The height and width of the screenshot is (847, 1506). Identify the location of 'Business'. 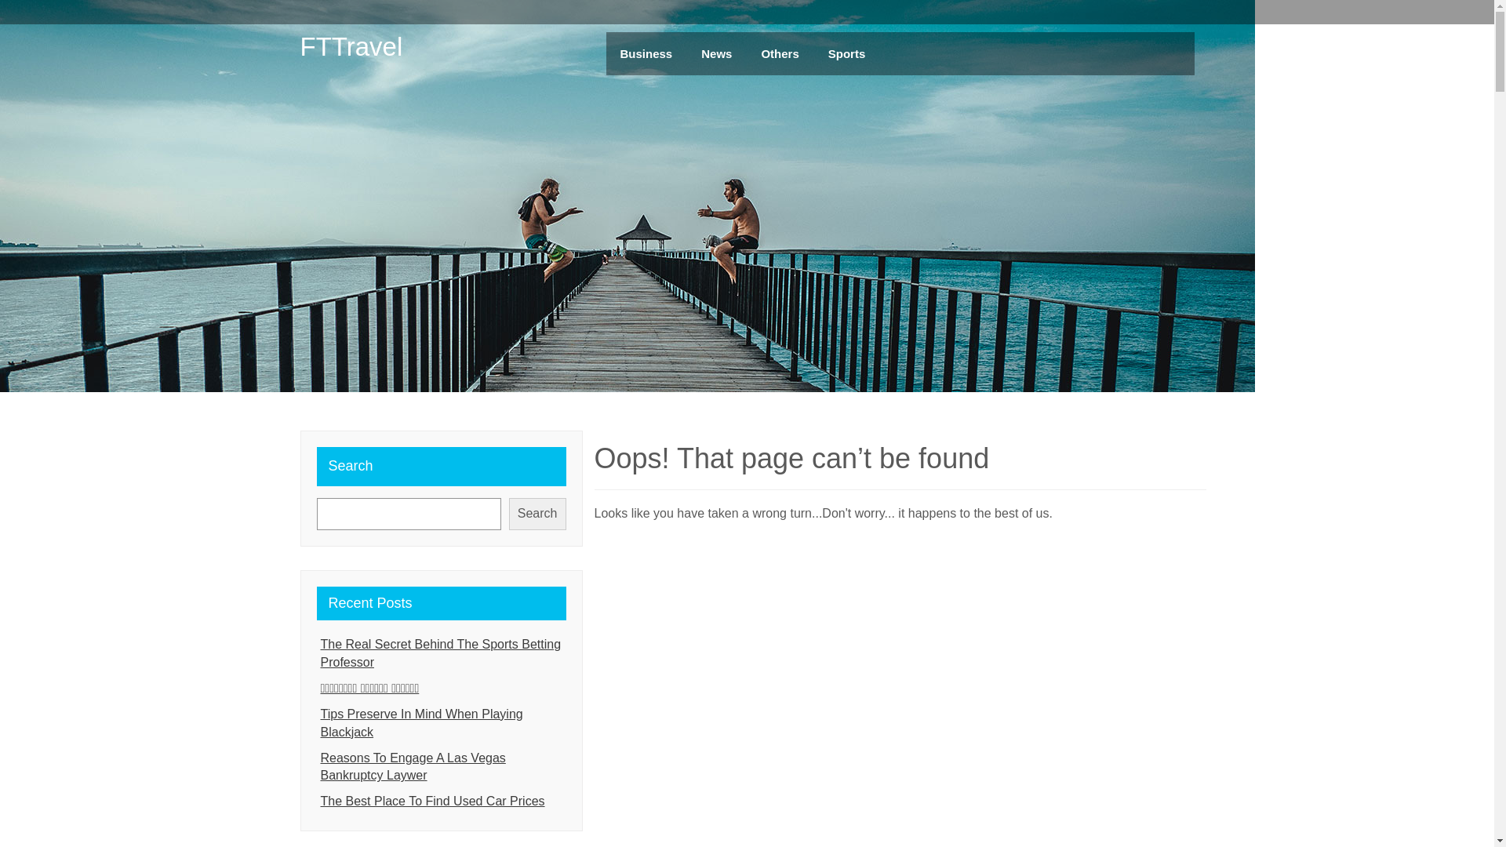
(605, 53).